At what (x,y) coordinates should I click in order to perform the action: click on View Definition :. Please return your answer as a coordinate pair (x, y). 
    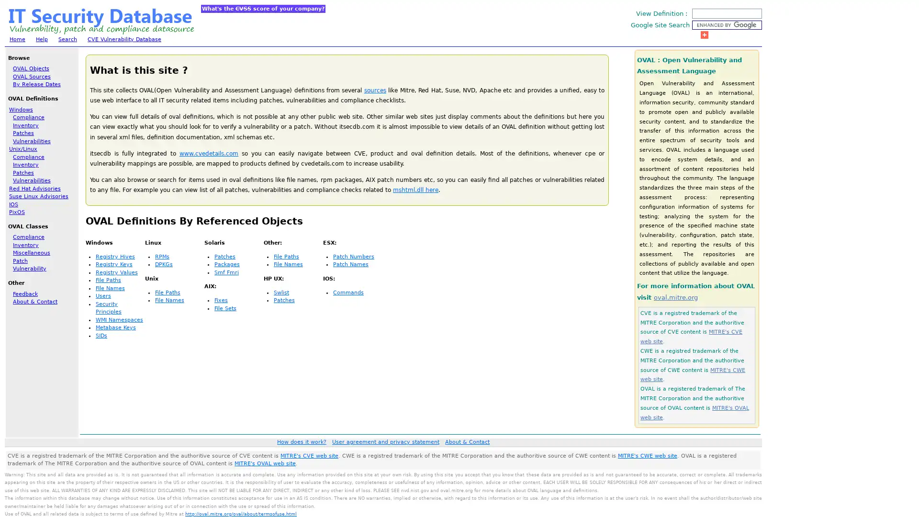
    Looking at the image, I should click on (659, 13).